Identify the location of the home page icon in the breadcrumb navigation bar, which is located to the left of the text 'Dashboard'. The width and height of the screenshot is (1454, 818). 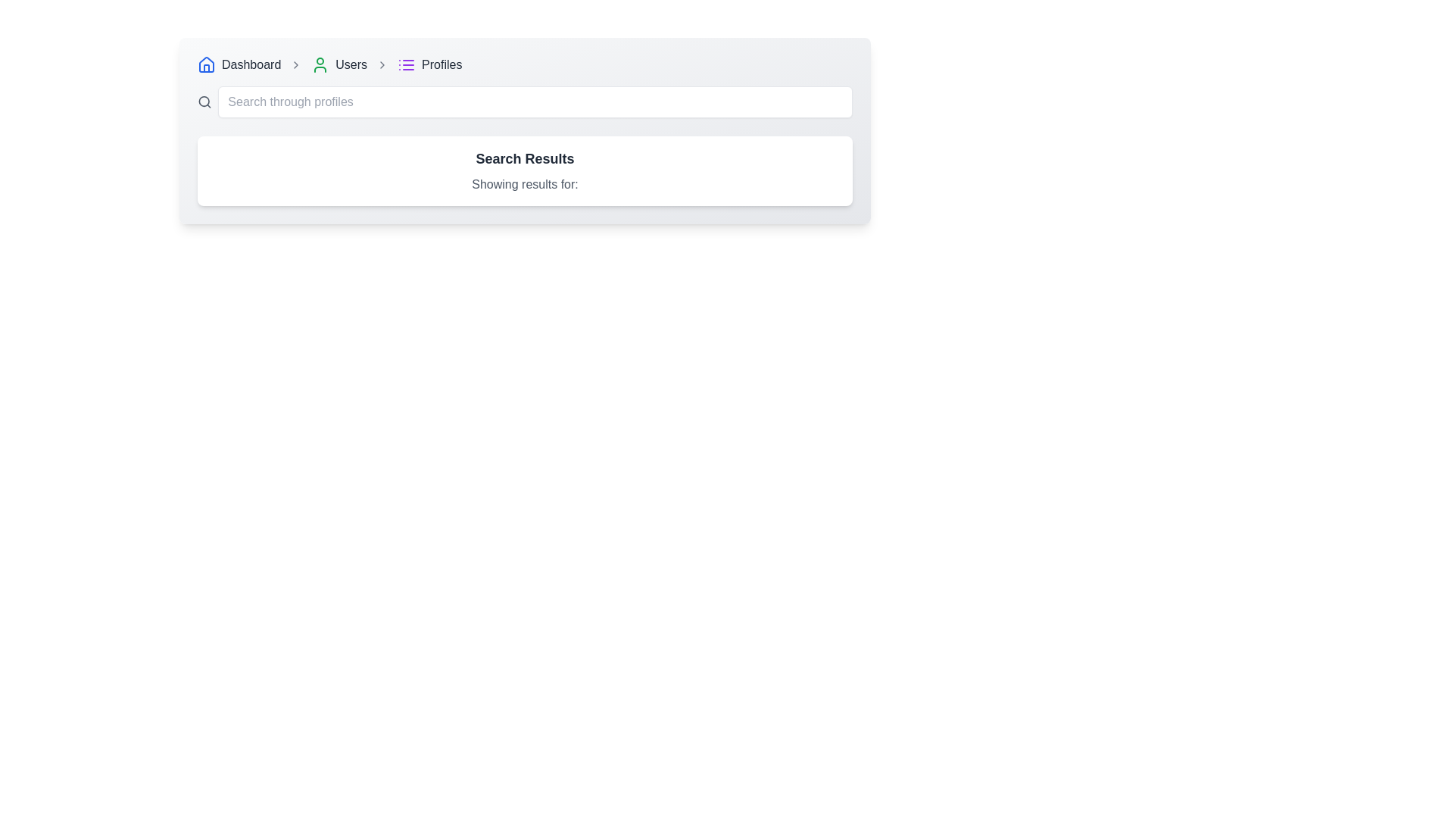
(206, 64).